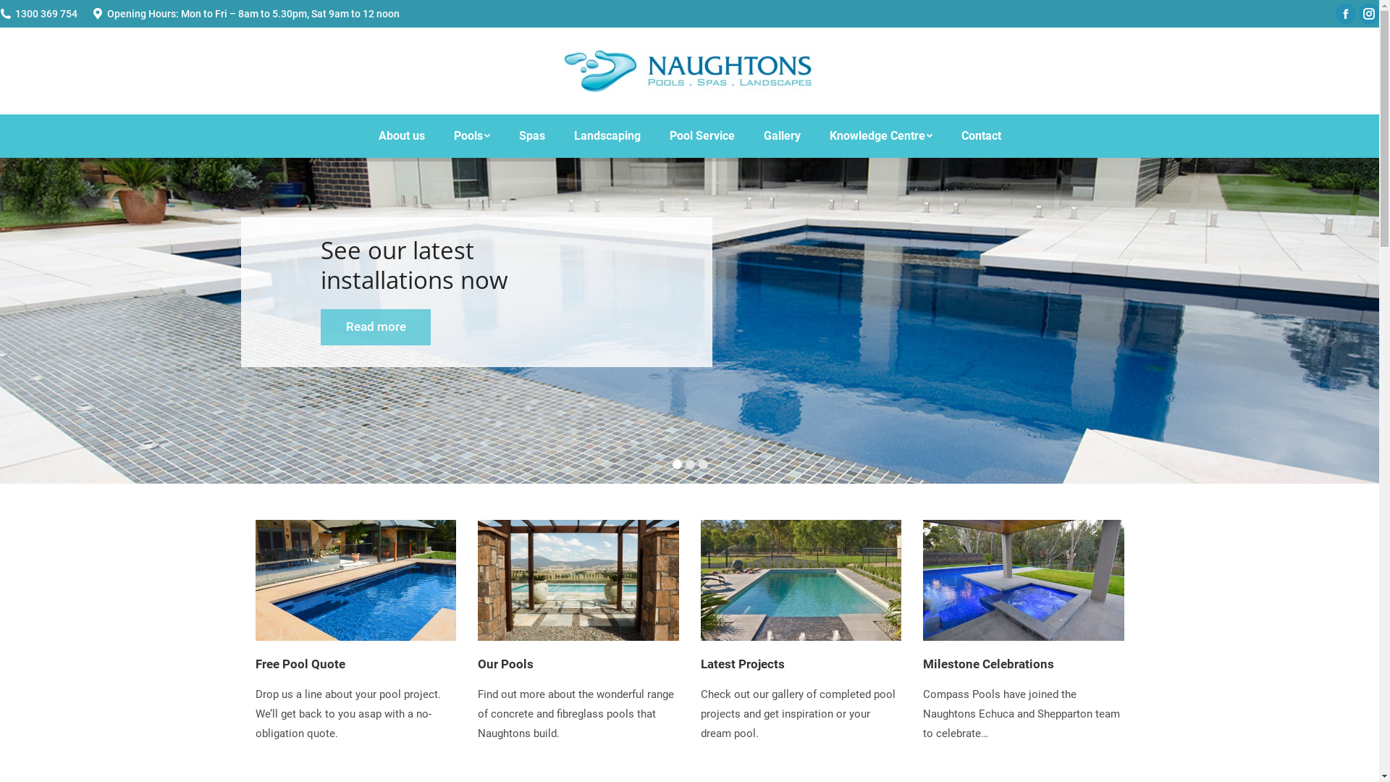 The image size is (1390, 782). What do you see at coordinates (780, 136) in the screenshot?
I see `'Gallery'` at bounding box center [780, 136].